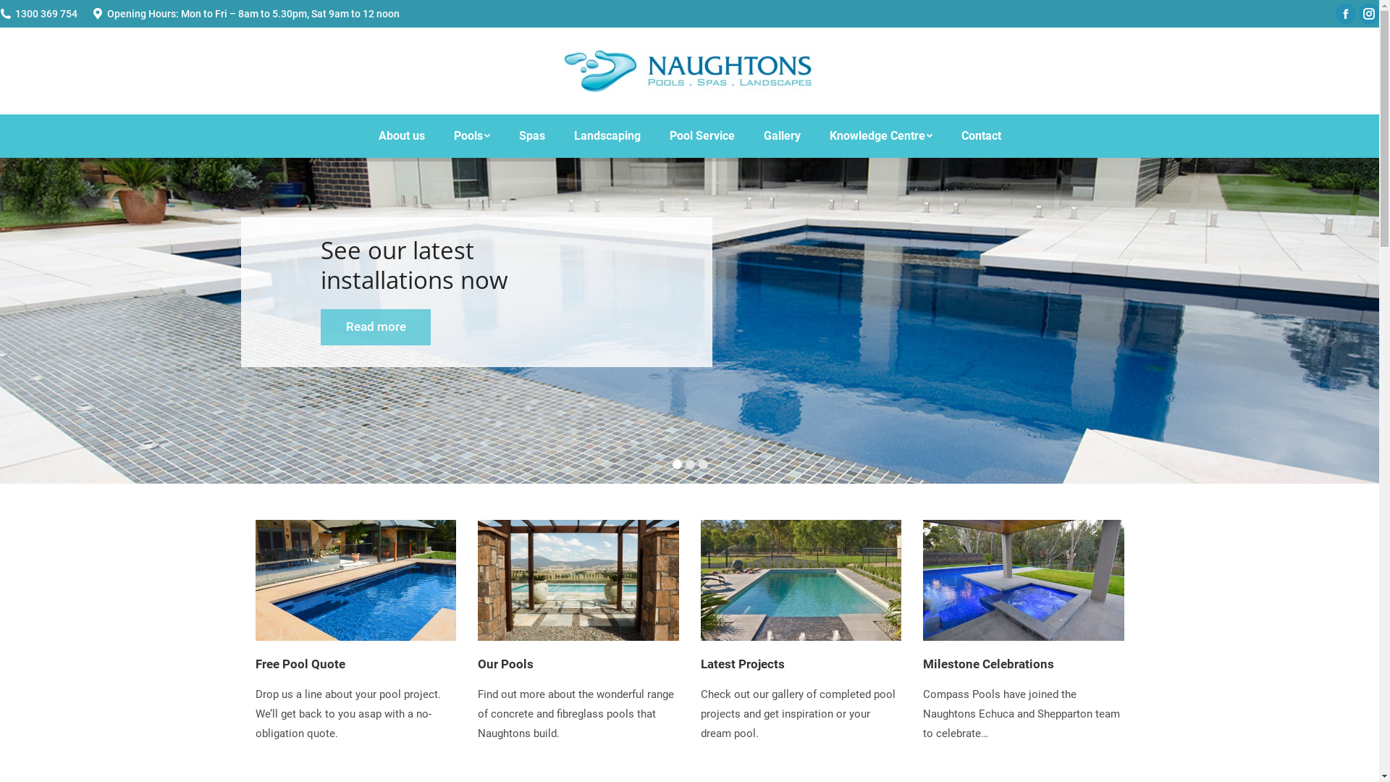 The image size is (1390, 782). What do you see at coordinates (780, 136) in the screenshot?
I see `'Gallery'` at bounding box center [780, 136].